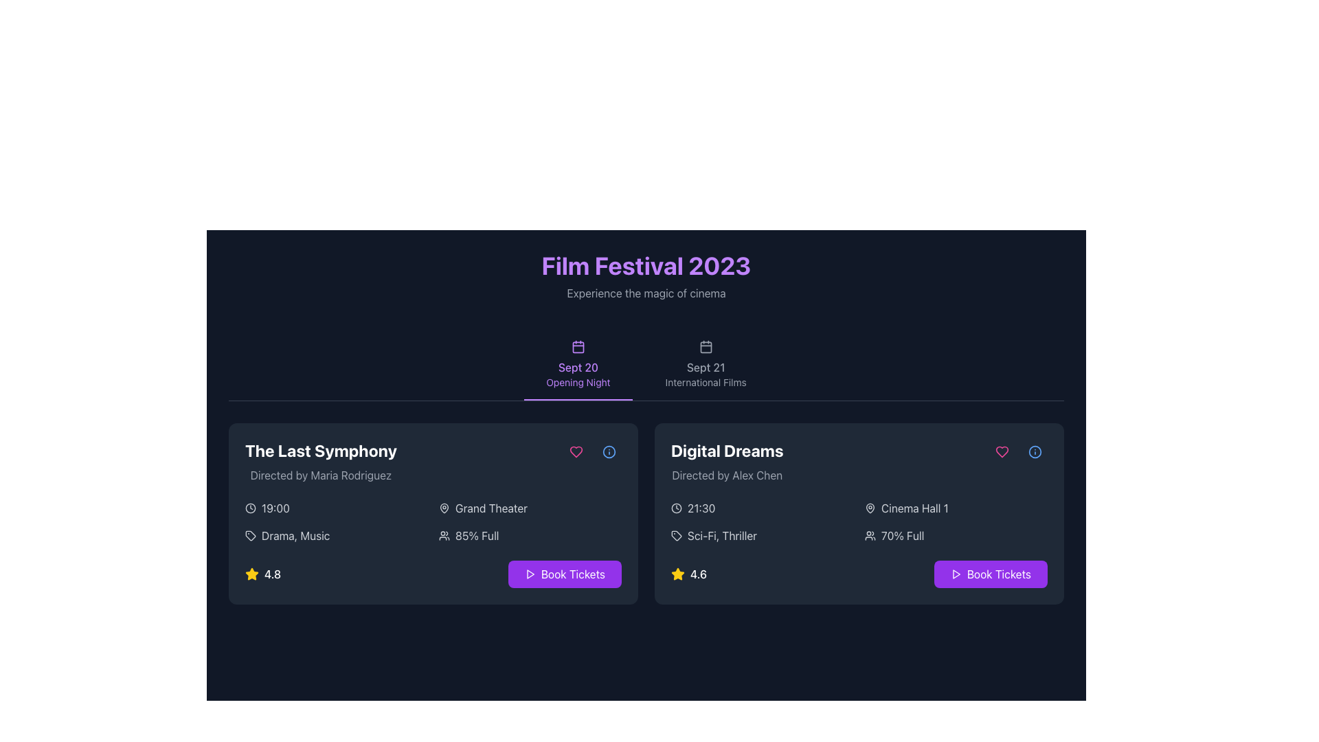  What do you see at coordinates (676, 535) in the screenshot?
I see `the decorative tag icon located in the detailed information panel of the 'Digital Dreams' event card, which is situated near the top-right of the card` at bounding box center [676, 535].